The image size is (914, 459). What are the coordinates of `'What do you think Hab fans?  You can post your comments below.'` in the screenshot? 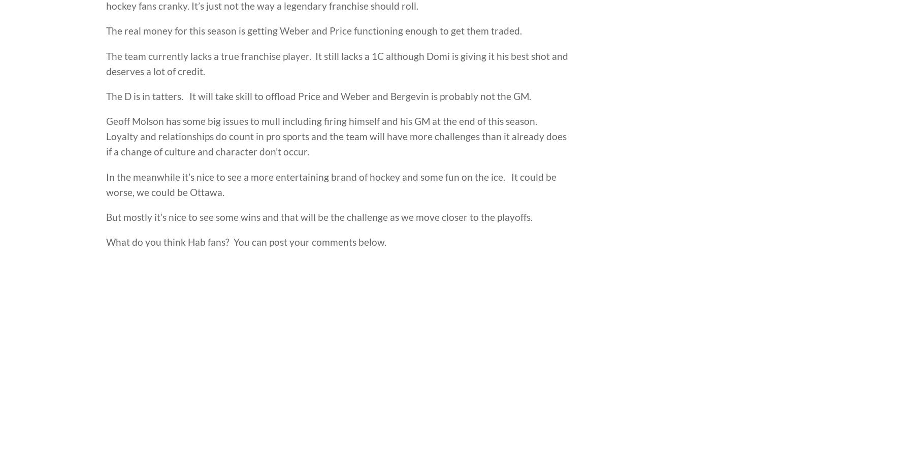 It's located at (245, 241).